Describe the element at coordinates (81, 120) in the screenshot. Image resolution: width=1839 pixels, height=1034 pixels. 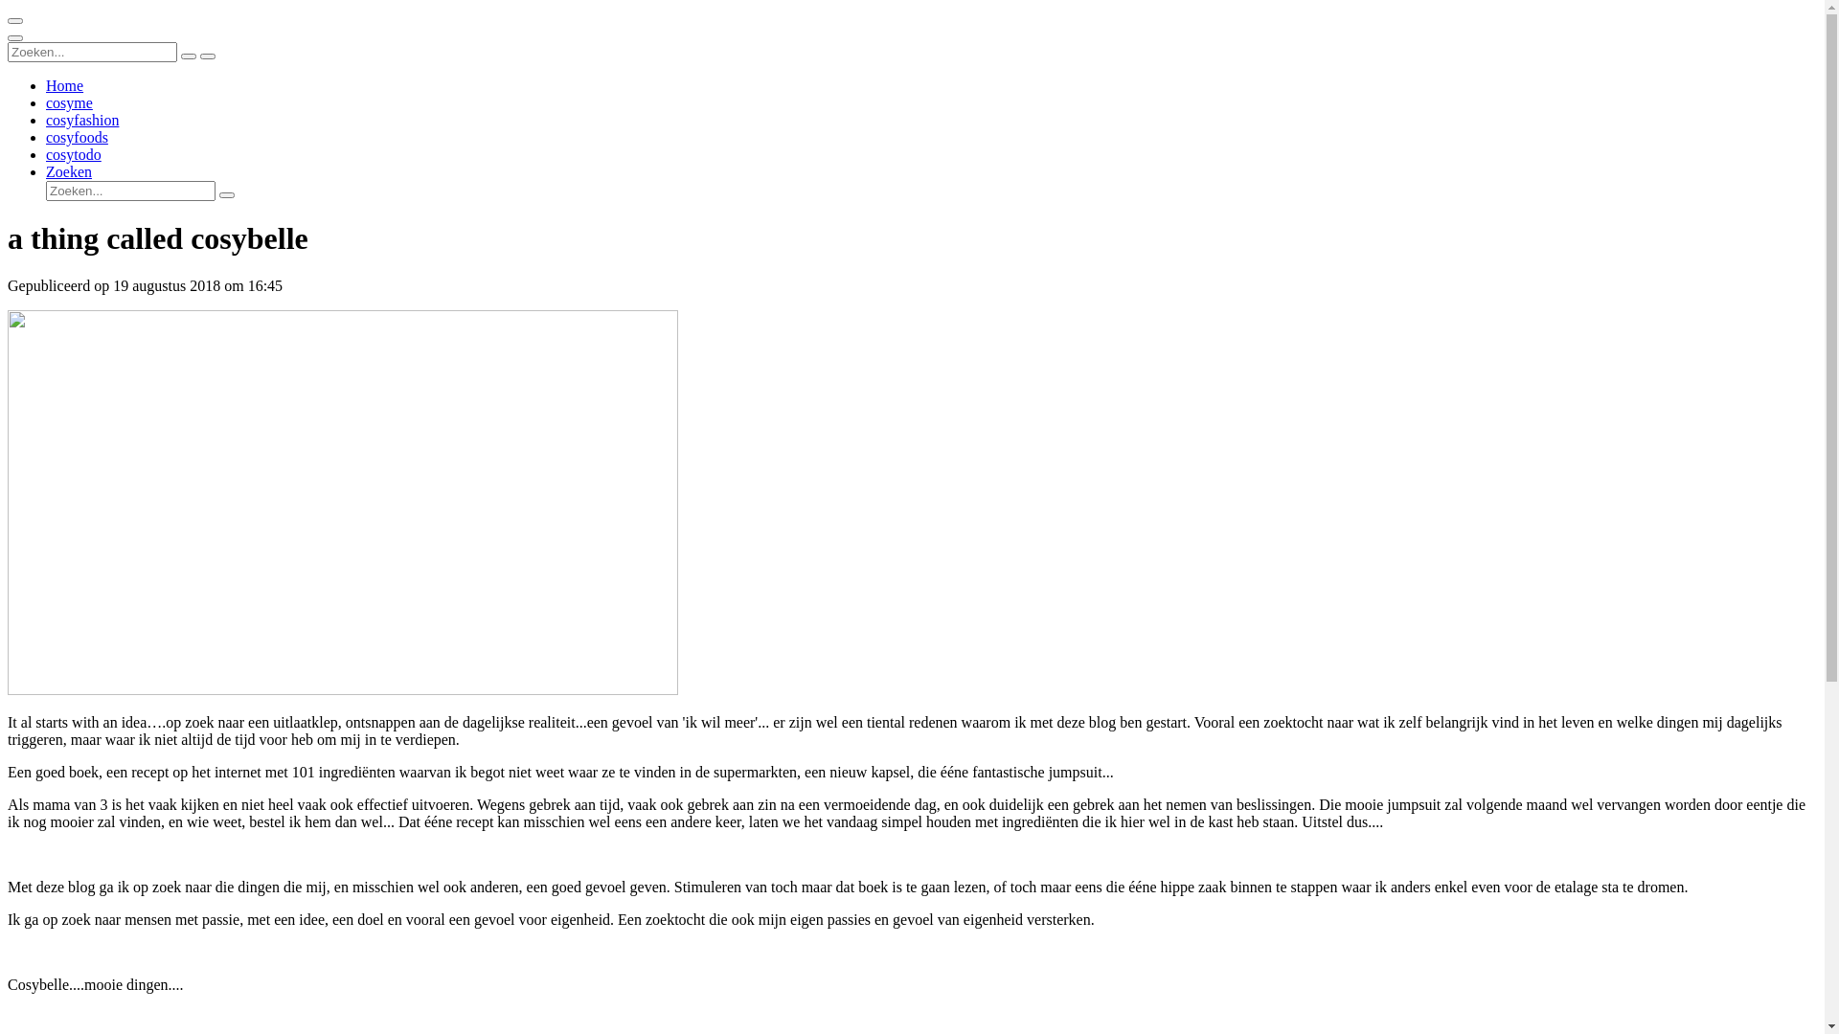
I see `'cosyfashion'` at that location.